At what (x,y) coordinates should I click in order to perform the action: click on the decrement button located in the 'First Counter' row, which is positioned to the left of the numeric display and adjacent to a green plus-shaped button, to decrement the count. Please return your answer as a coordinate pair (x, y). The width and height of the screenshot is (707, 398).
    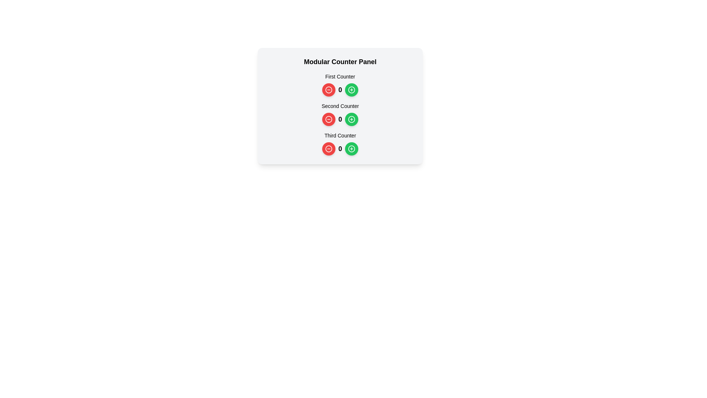
    Looking at the image, I should click on (328, 89).